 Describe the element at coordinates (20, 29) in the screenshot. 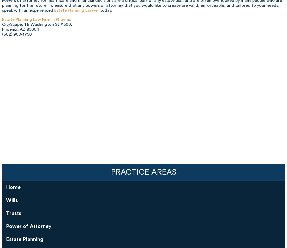

I see `'Phoenix, AZ 85004'` at that location.